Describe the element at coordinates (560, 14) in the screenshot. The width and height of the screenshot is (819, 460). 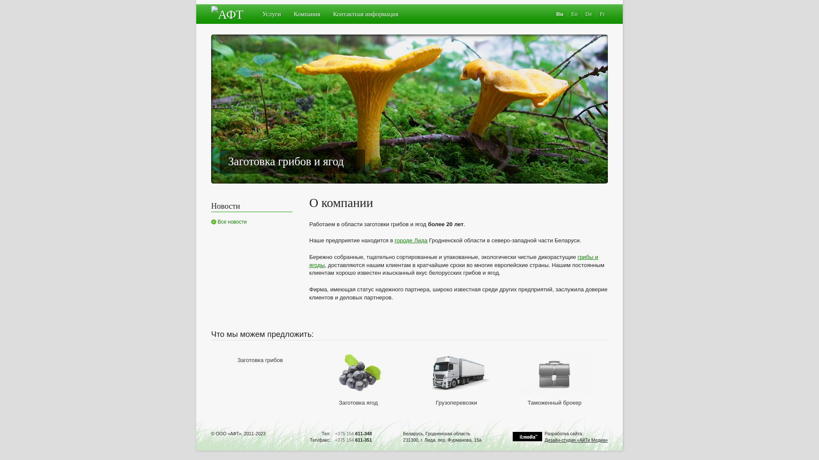
I see `'Ru'` at that location.